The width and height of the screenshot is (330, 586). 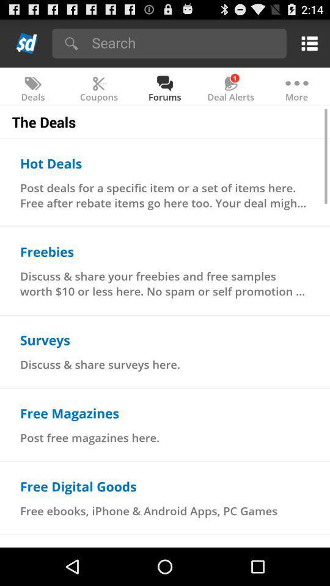 What do you see at coordinates (78, 487) in the screenshot?
I see `item above the free ebooks iphone` at bounding box center [78, 487].